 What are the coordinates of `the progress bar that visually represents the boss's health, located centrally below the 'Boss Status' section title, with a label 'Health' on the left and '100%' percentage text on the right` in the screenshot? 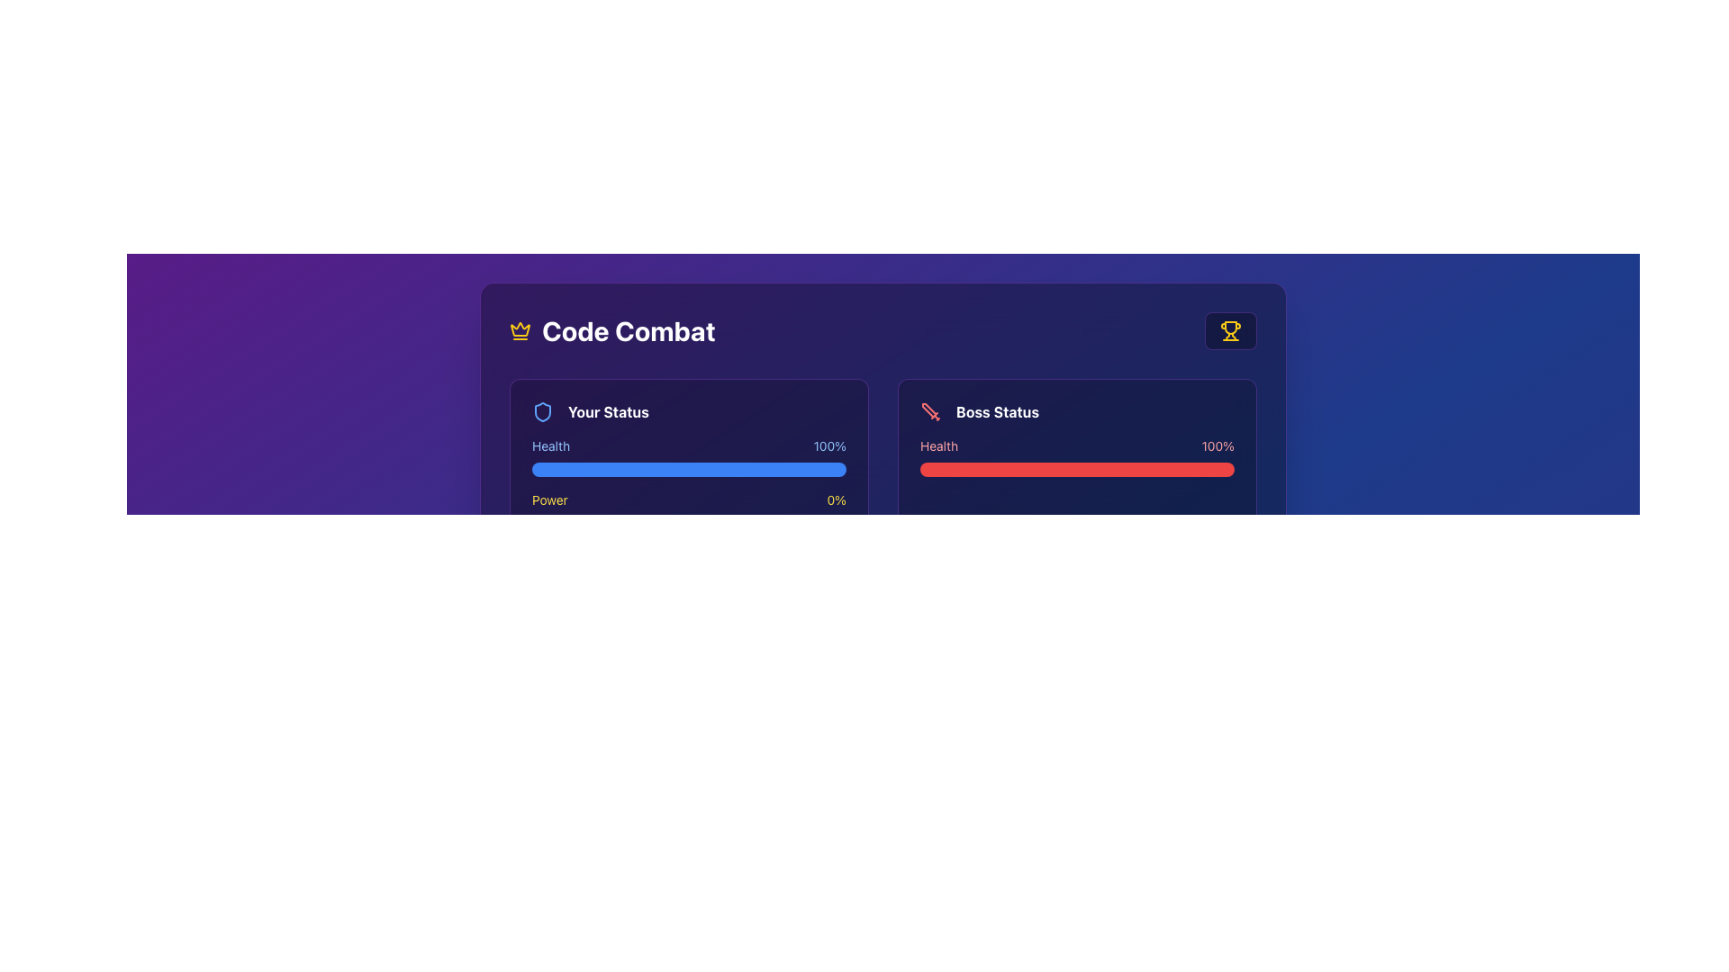 It's located at (1077, 456).